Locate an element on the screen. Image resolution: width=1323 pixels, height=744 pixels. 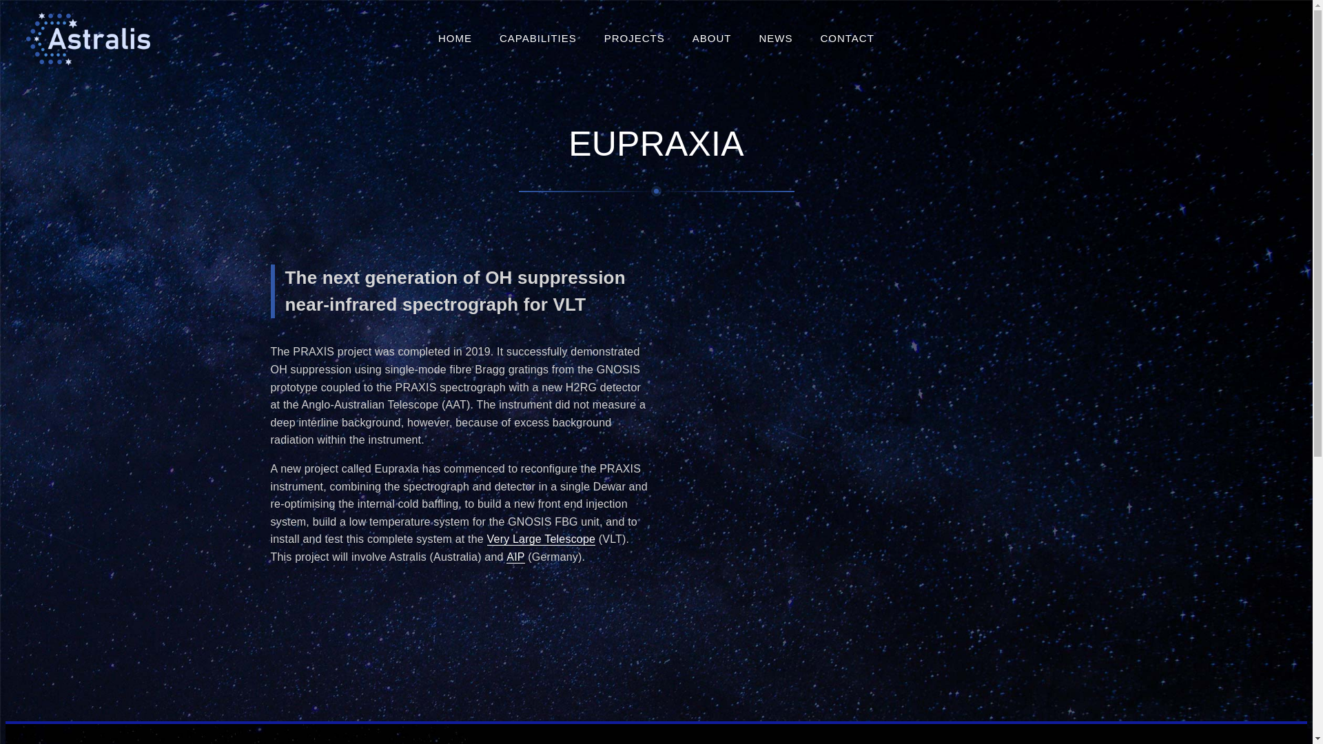
'PROJECTS' is located at coordinates (591, 38).